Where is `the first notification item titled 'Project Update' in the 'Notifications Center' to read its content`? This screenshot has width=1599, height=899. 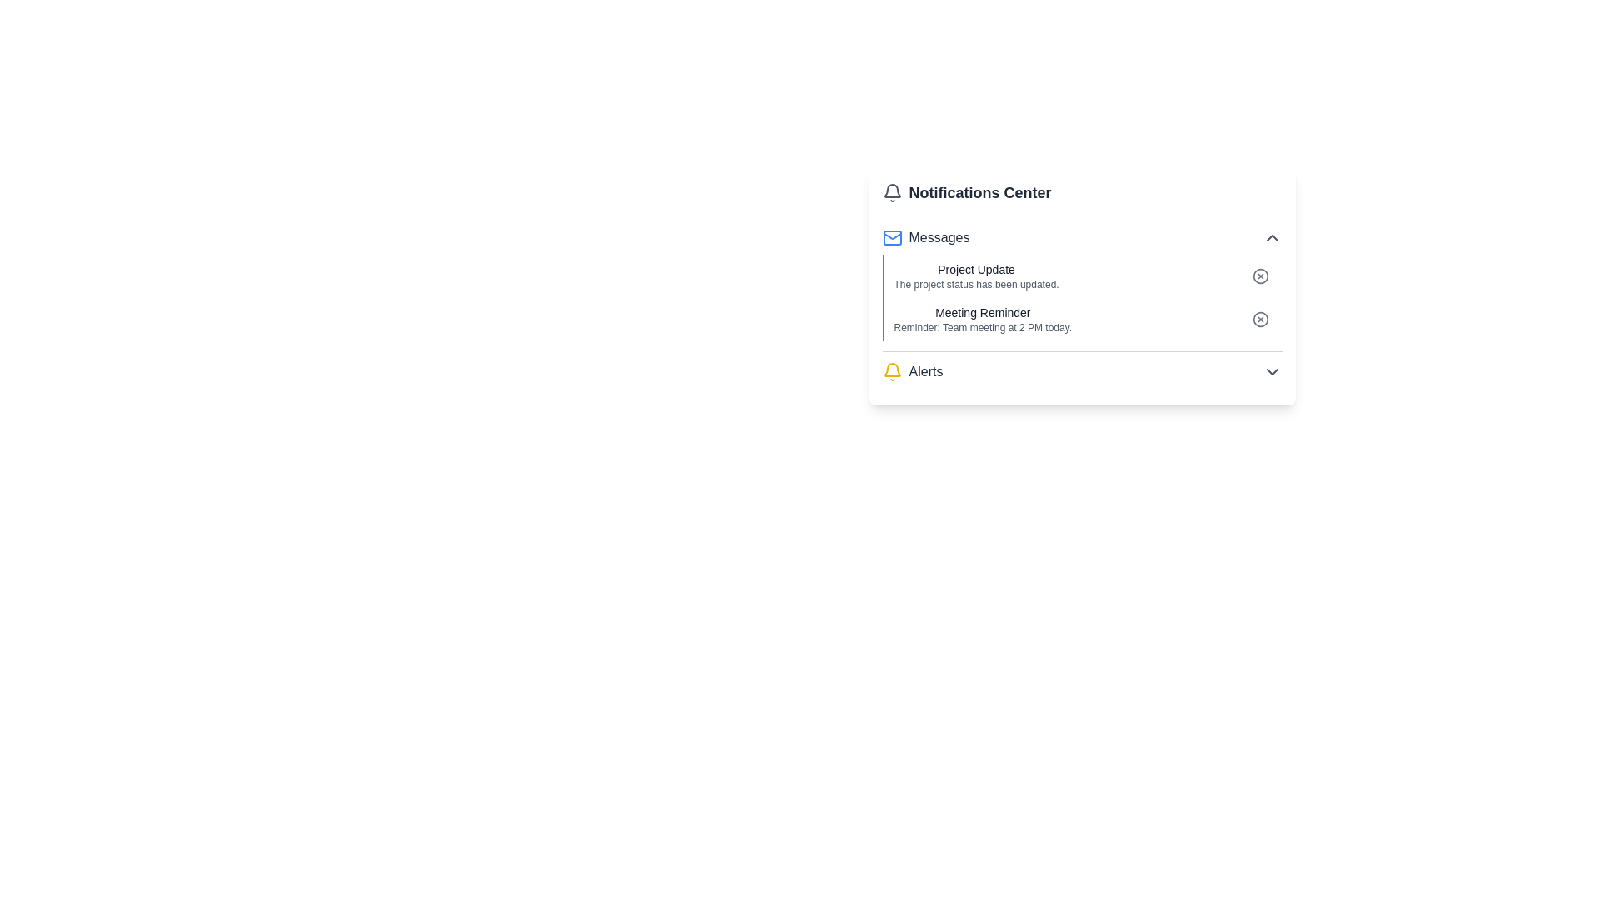
the first notification item titled 'Project Update' in the 'Notifications Center' to read its content is located at coordinates (1082, 275).